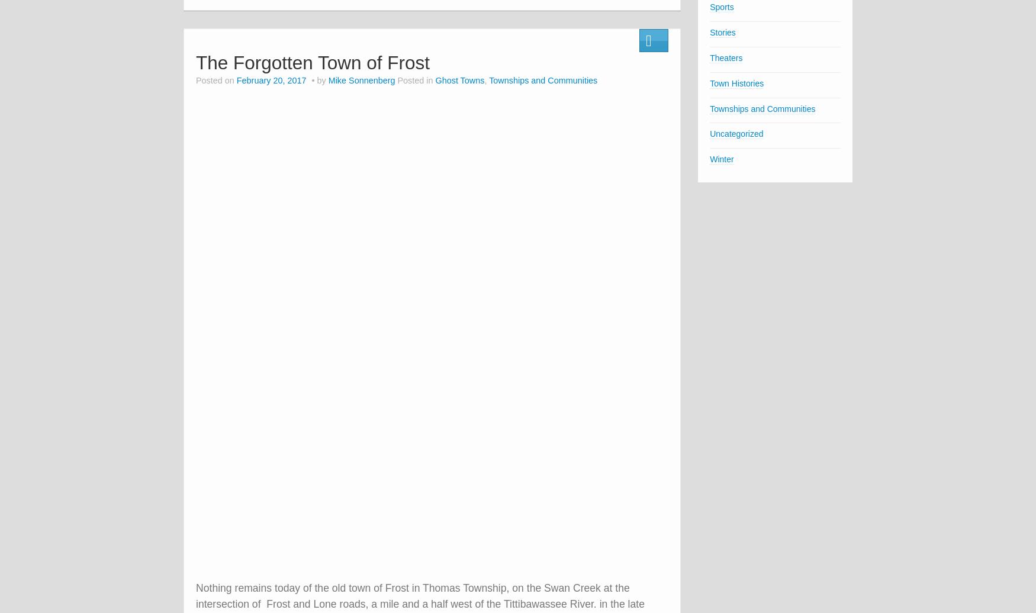  Describe the element at coordinates (722, 32) in the screenshot. I see `'Stories'` at that location.